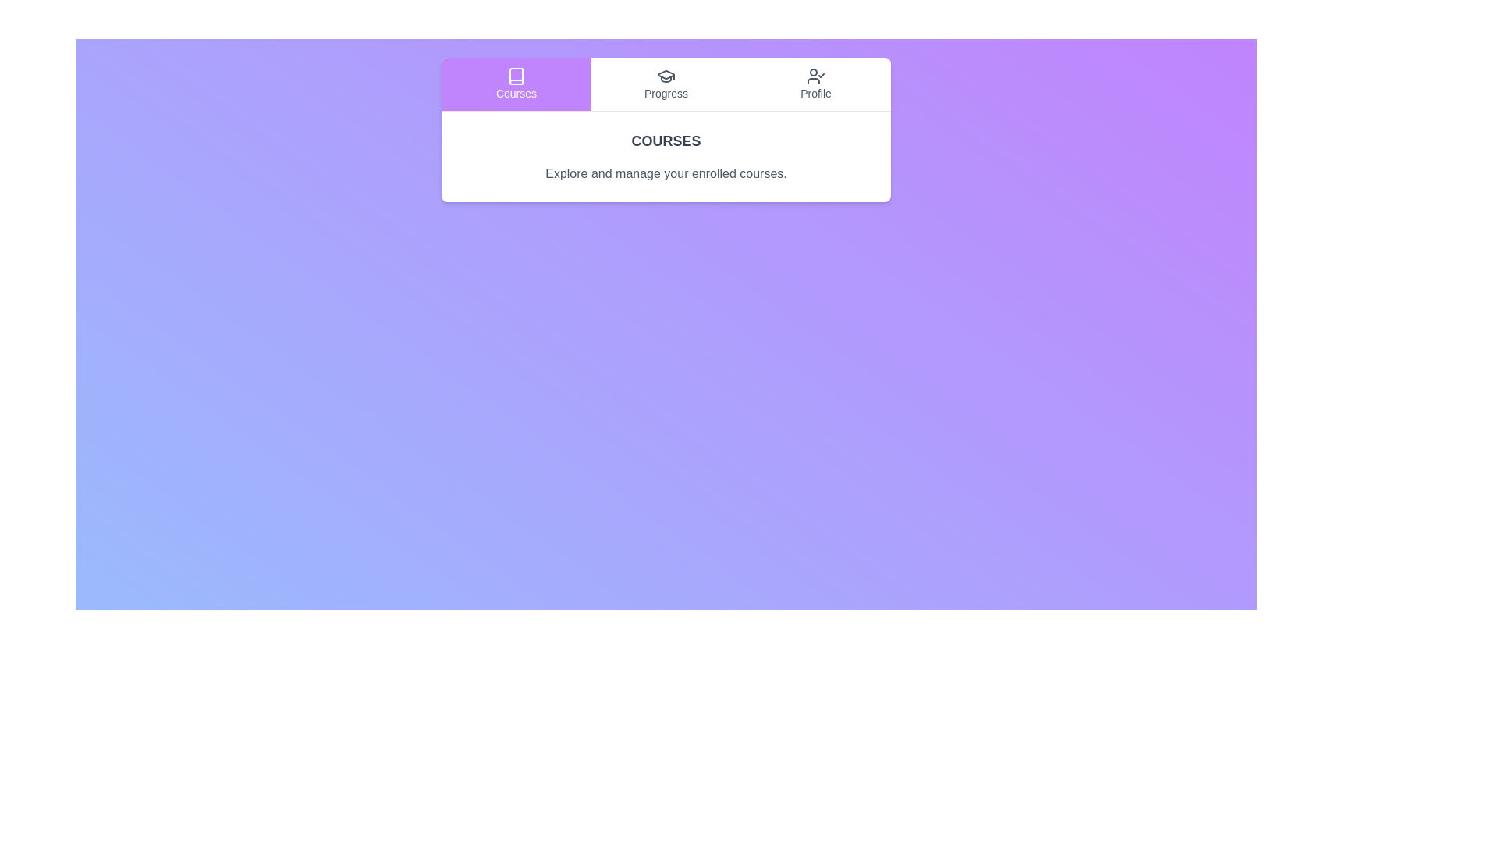  Describe the element at coordinates (516, 84) in the screenshot. I see `the Courses tab by clicking on its button` at that location.